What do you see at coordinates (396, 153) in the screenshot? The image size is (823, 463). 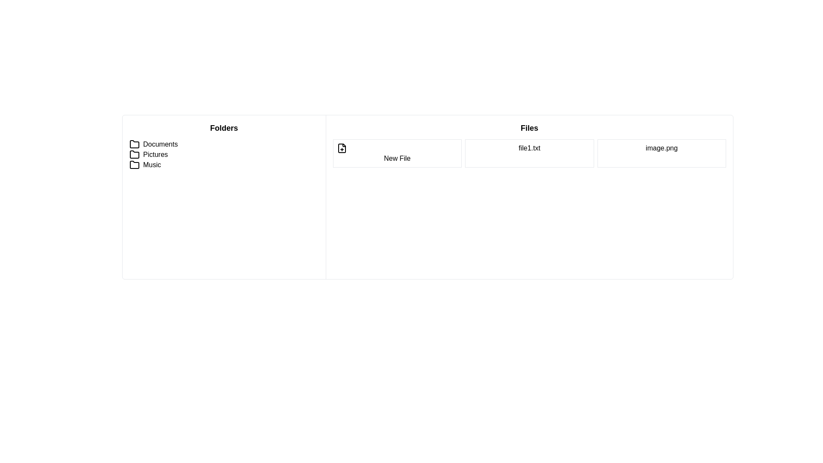 I see `the interactive button labeled 'New File', which features a document icon with a plus sign, to initiate file creation` at bounding box center [396, 153].